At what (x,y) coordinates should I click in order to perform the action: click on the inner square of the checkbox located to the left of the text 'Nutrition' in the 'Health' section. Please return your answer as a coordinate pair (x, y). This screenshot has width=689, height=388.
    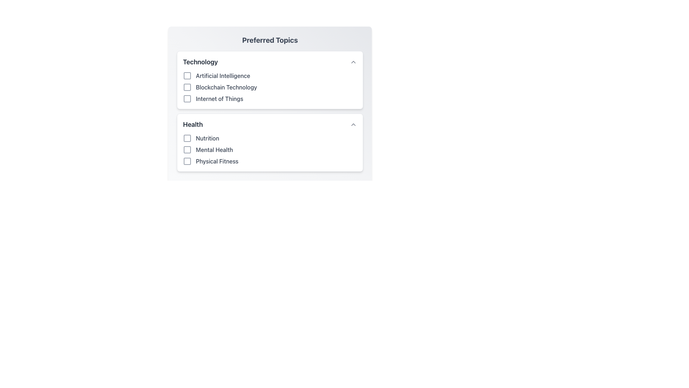
    Looking at the image, I should click on (187, 138).